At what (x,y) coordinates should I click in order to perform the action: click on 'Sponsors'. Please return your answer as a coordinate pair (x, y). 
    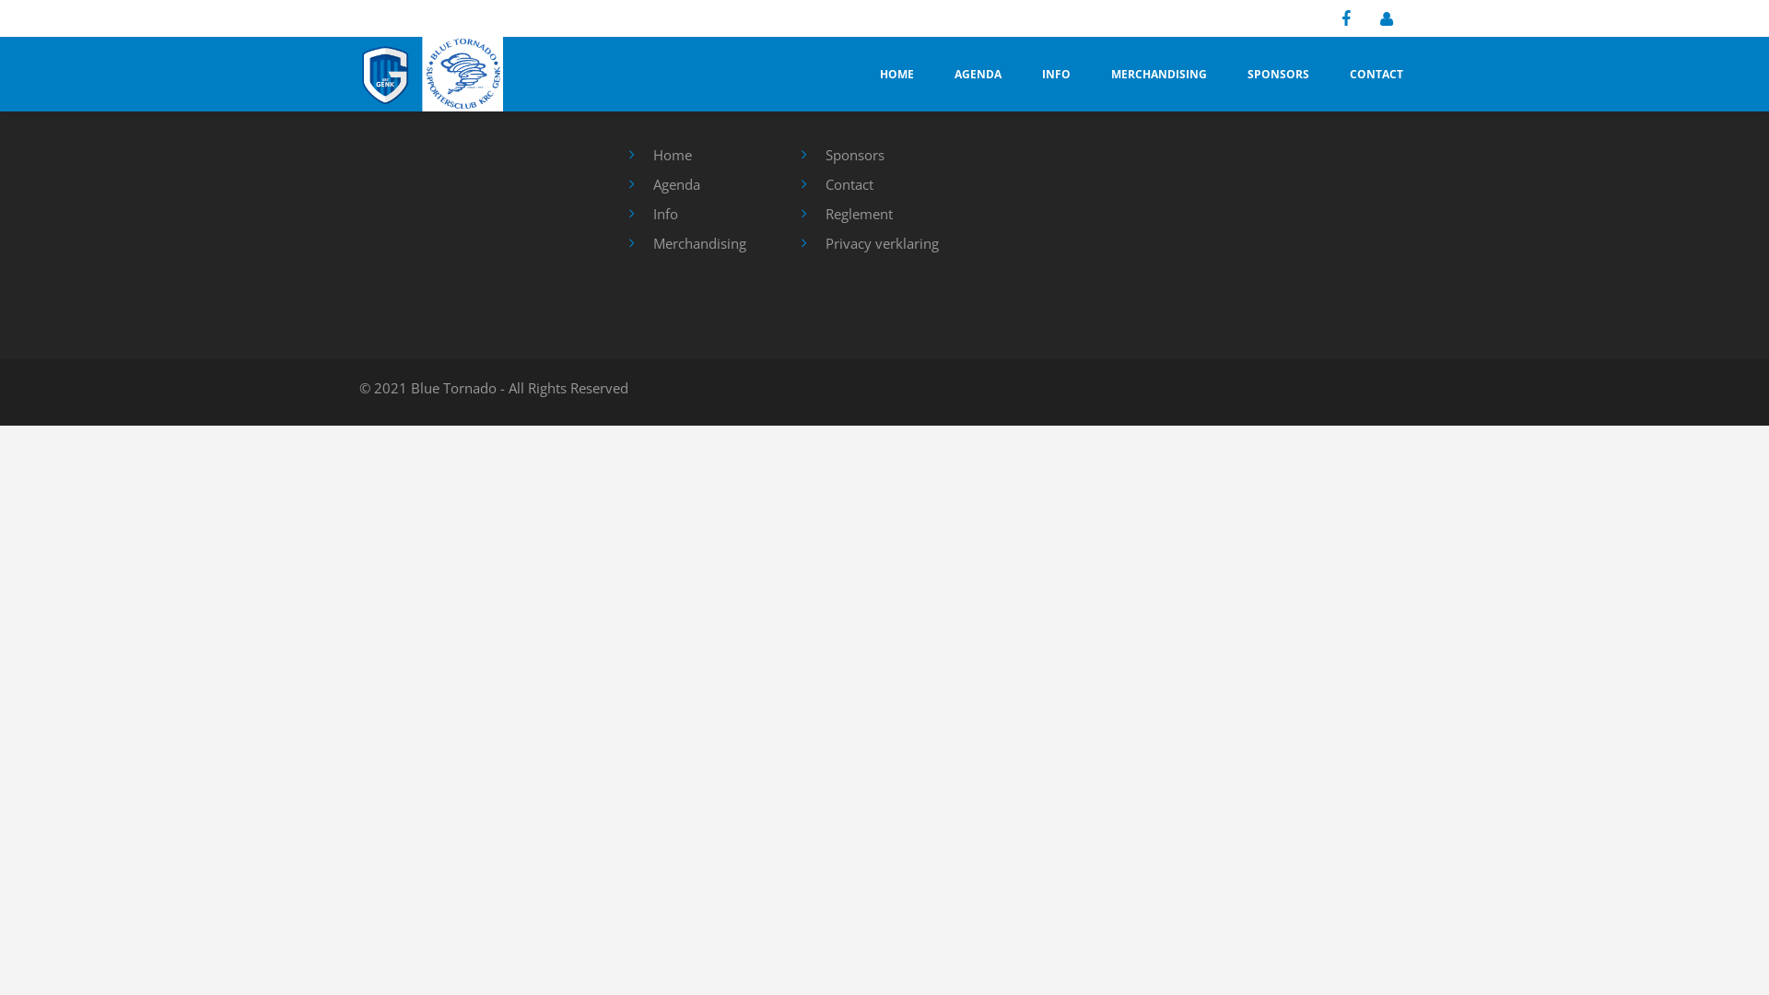
    Looking at the image, I should click on (853, 154).